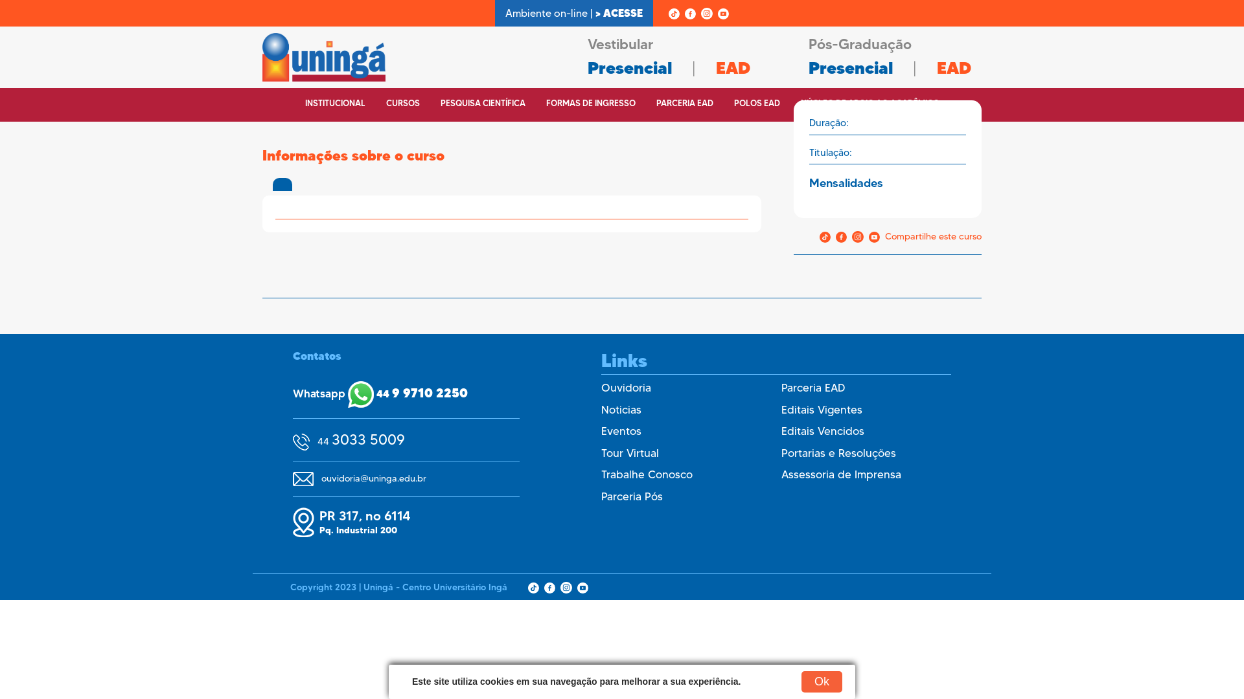 The width and height of the screenshot is (1244, 699). I want to click on 'Editais Vencidos', so click(866, 432).